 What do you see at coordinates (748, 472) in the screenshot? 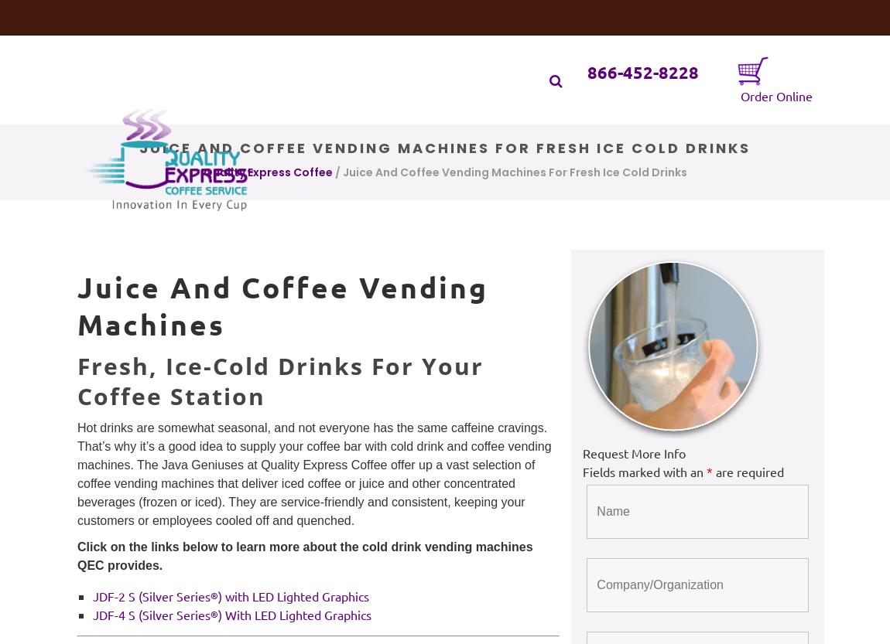
I see `'are required'` at bounding box center [748, 472].